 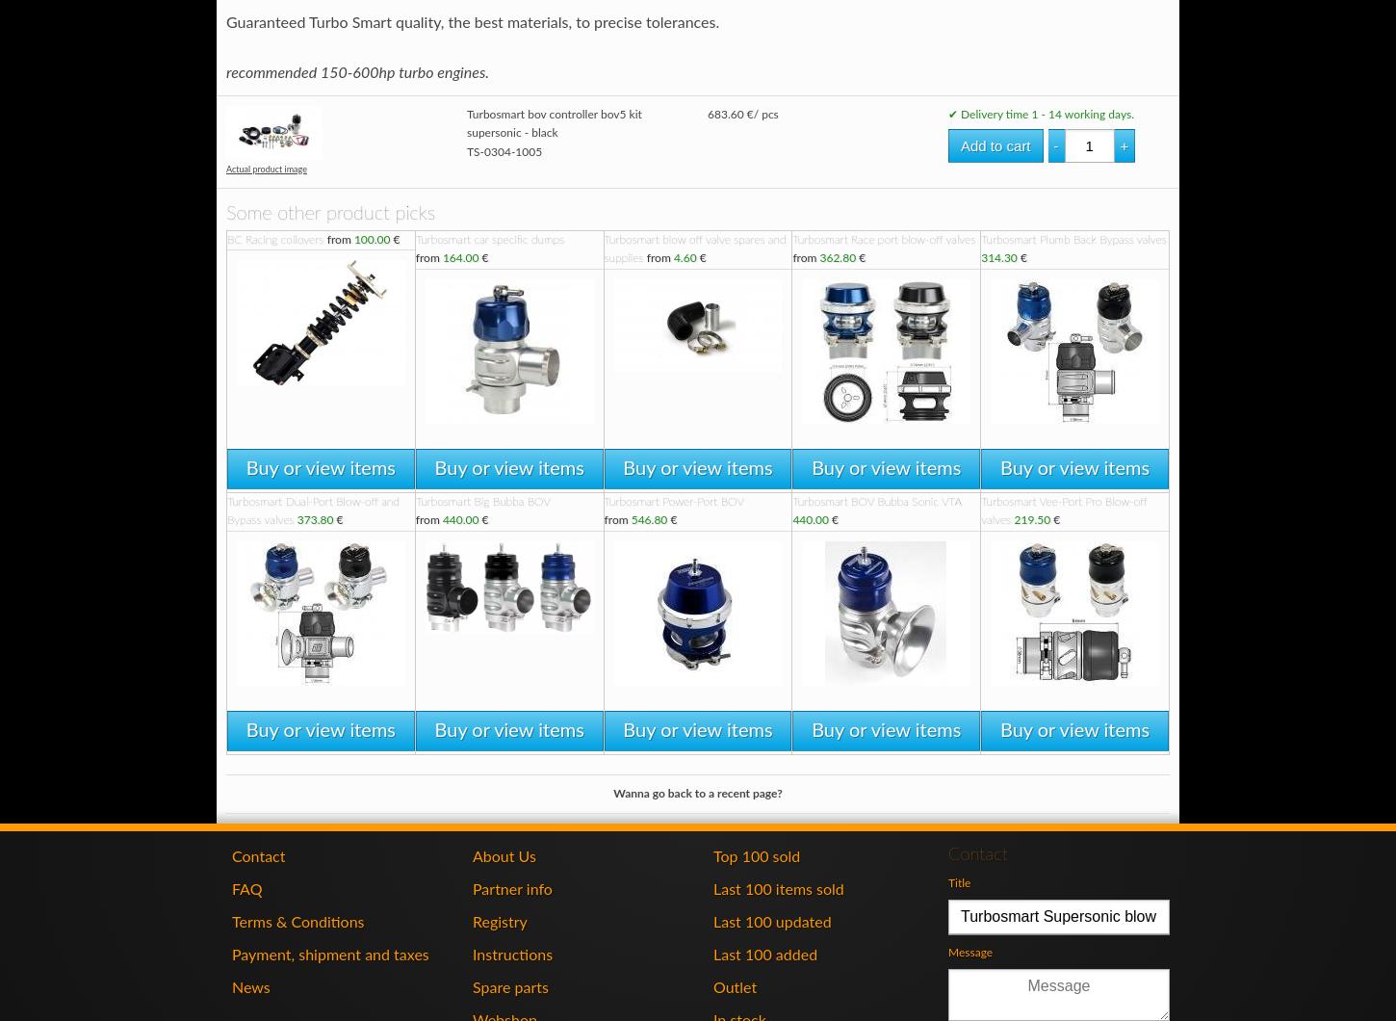 What do you see at coordinates (504, 856) in the screenshot?
I see `'About Us'` at bounding box center [504, 856].